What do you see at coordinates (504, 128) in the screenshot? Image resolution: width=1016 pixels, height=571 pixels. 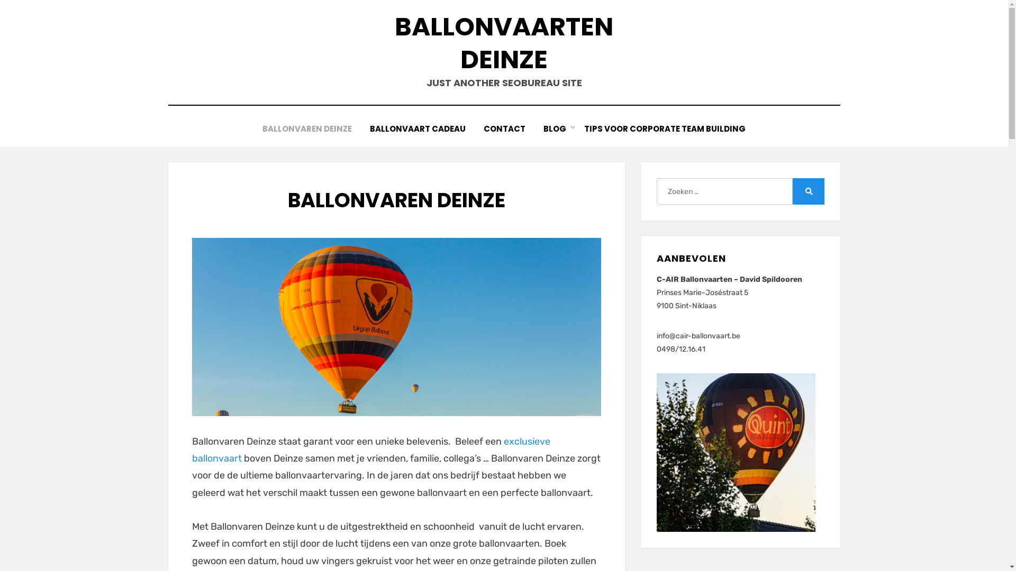 I see `'CONTACT'` at bounding box center [504, 128].